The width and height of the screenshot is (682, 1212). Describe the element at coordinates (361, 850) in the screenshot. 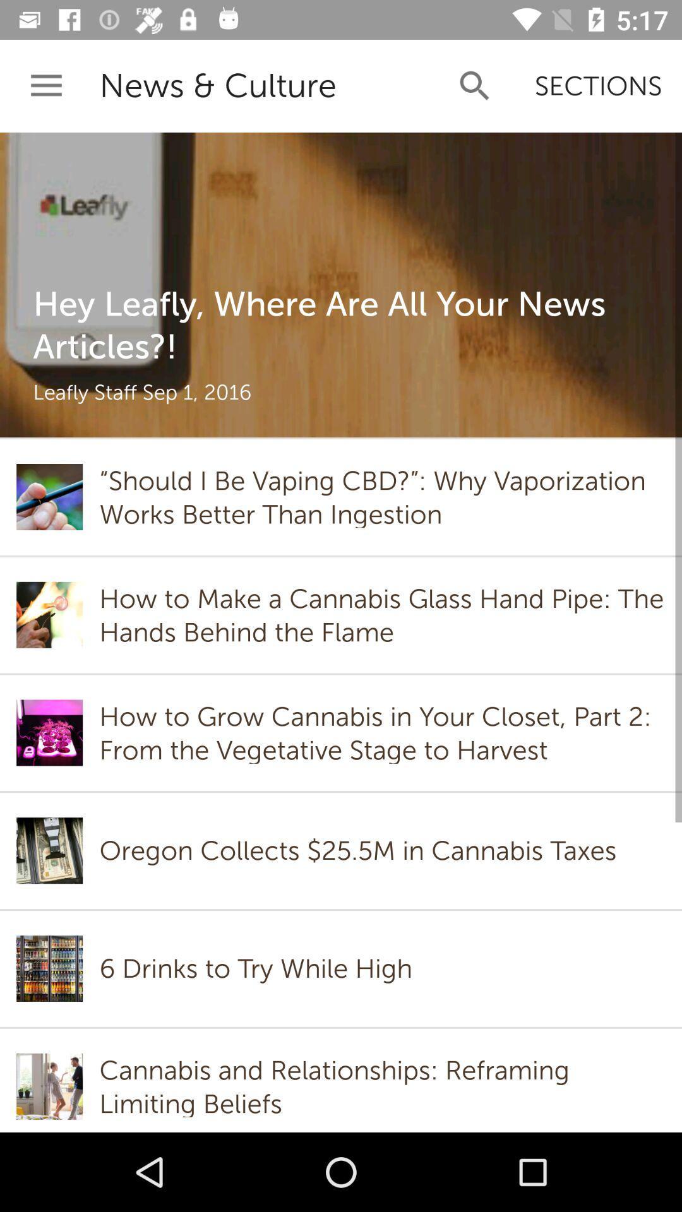

I see `the oregon collects 25` at that location.